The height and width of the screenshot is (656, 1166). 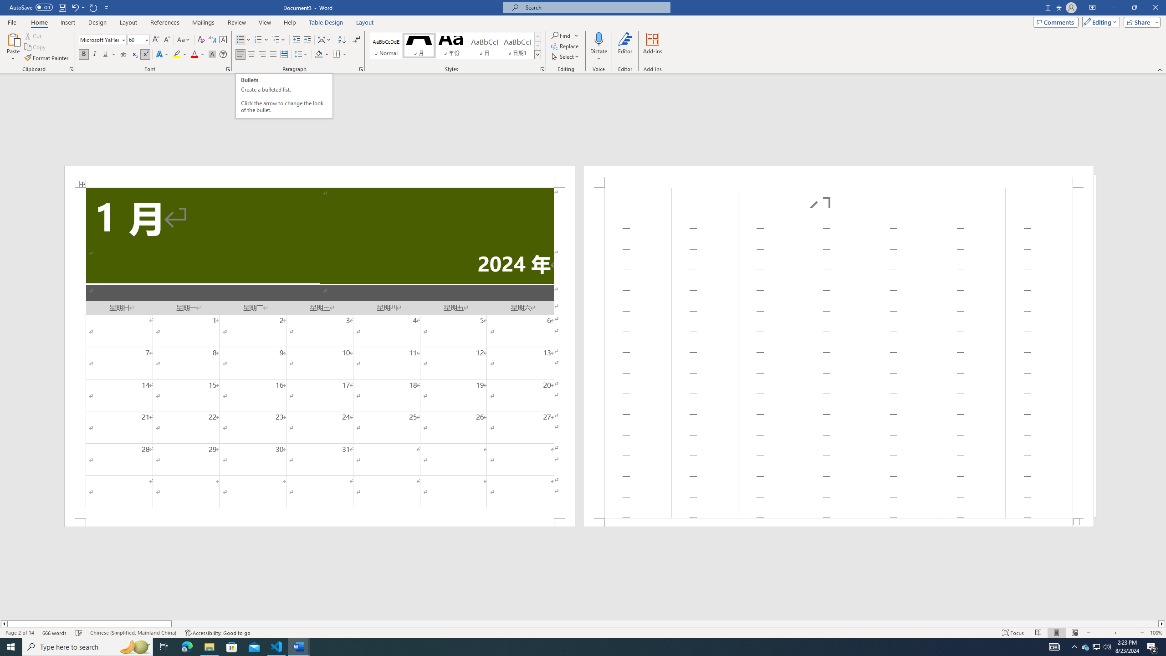 What do you see at coordinates (203, 22) in the screenshot?
I see `'Mailings'` at bounding box center [203, 22].